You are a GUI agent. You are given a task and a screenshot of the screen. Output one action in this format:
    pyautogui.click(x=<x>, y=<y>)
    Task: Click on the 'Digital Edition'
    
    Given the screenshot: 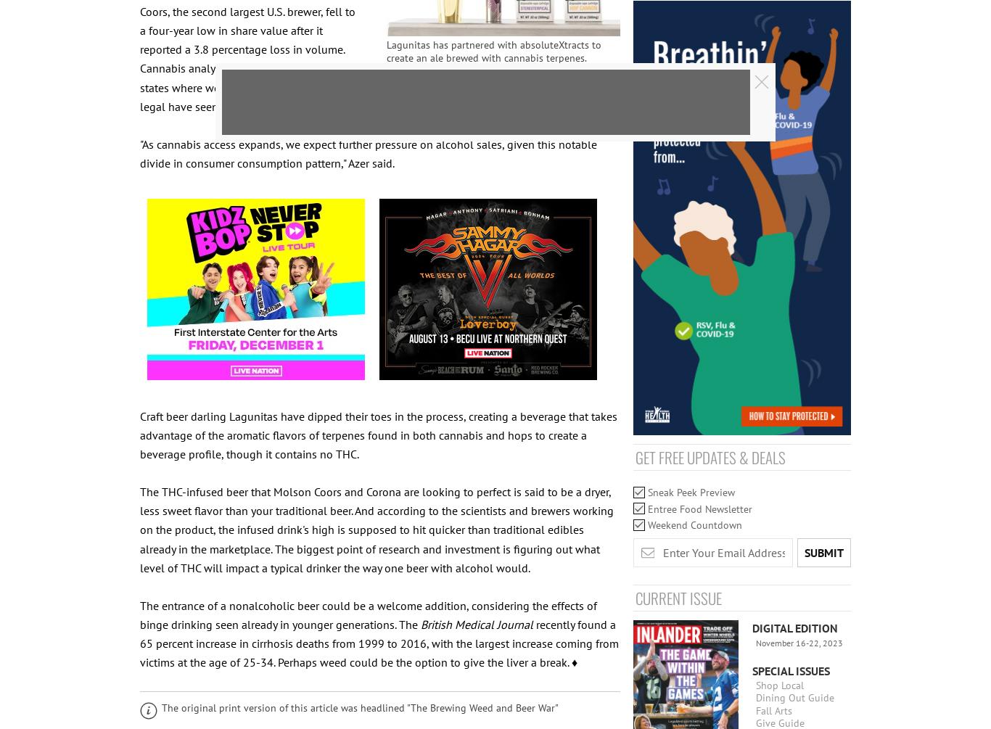 What is the action you would take?
    pyautogui.click(x=752, y=627)
    